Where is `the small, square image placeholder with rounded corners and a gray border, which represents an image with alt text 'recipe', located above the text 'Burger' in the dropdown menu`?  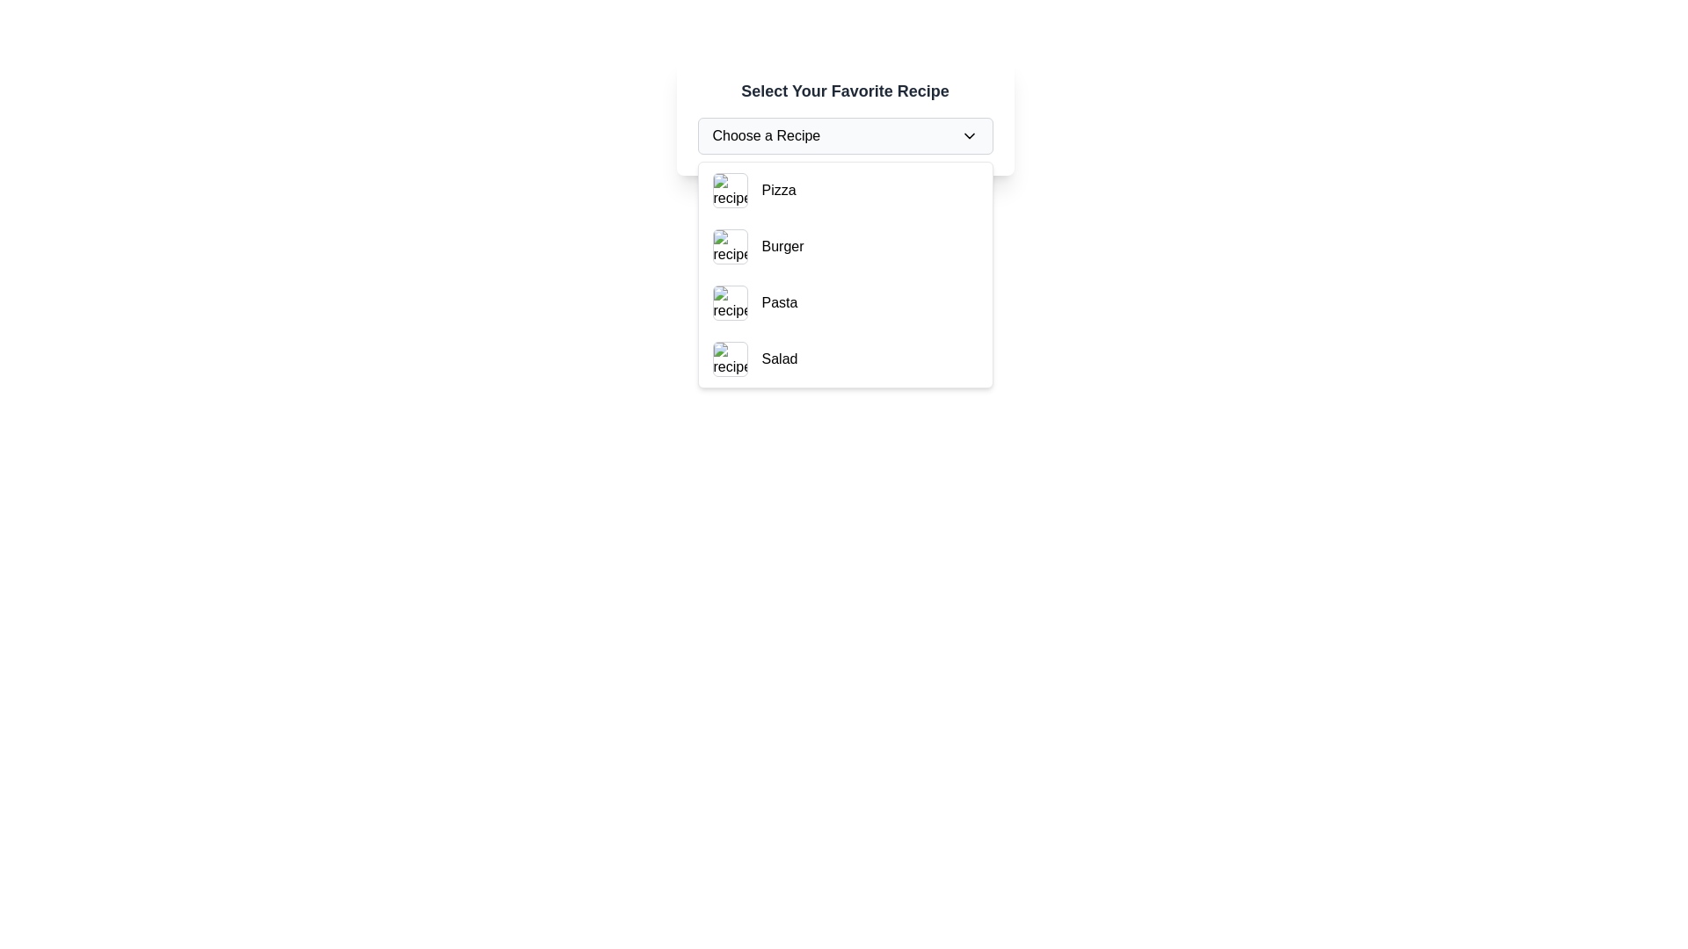
the small, square image placeholder with rounded corners and a gray border, which represents an image with alt text 'recipe', located above the text 'Burger' in the dropdown menu is located at coordinates (730, 247).